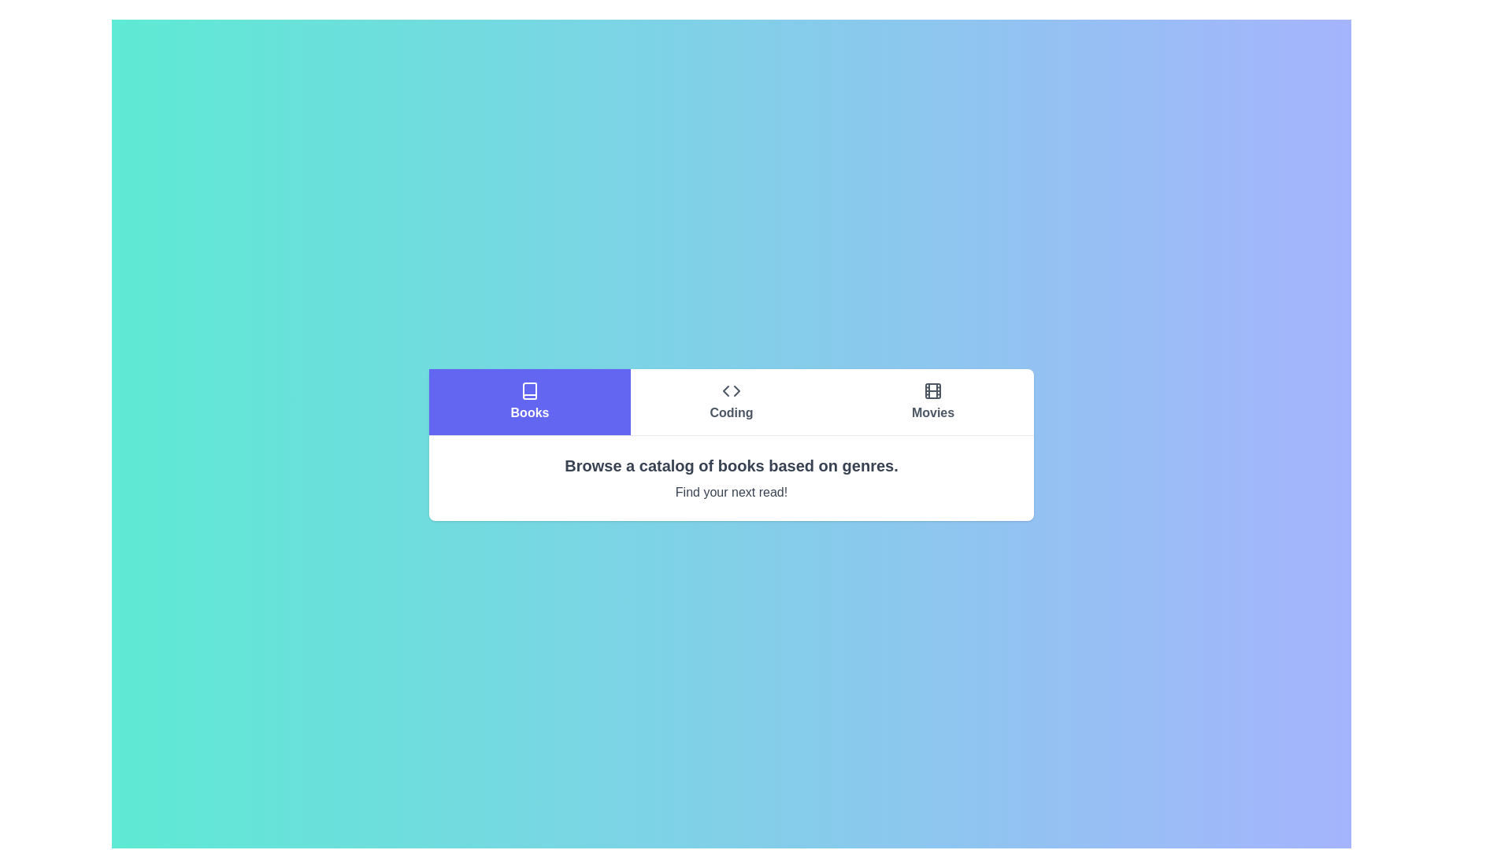 The height and width of the screenshot is (850, 1512). What do you see at coordinates (529, 401) in the screenshot?
I see `the button labeled Books to observe its hover state` at bounding box center [529, 401].